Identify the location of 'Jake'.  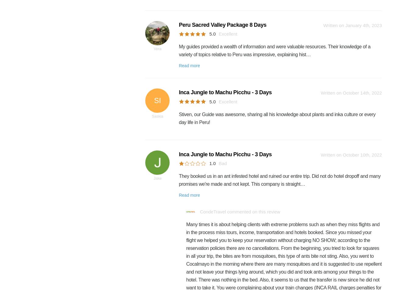
(157, 178).